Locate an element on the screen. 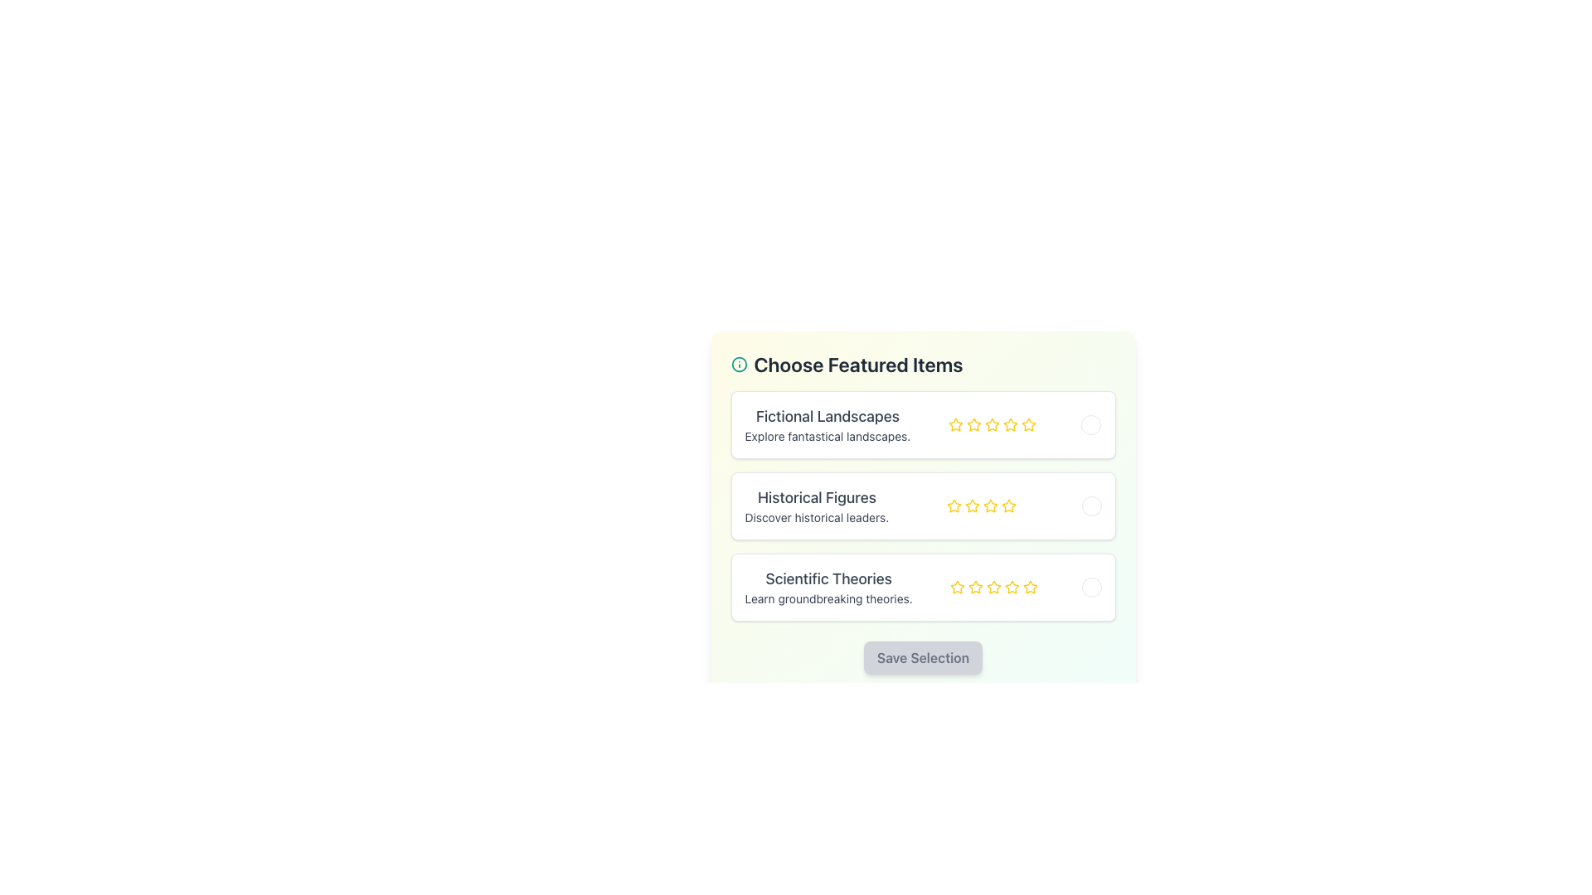 The height and width of the screenshot is (895, 1592). the third star icon in the rating row for 'Scientific Theories' is located at coordinates (1010, 586).